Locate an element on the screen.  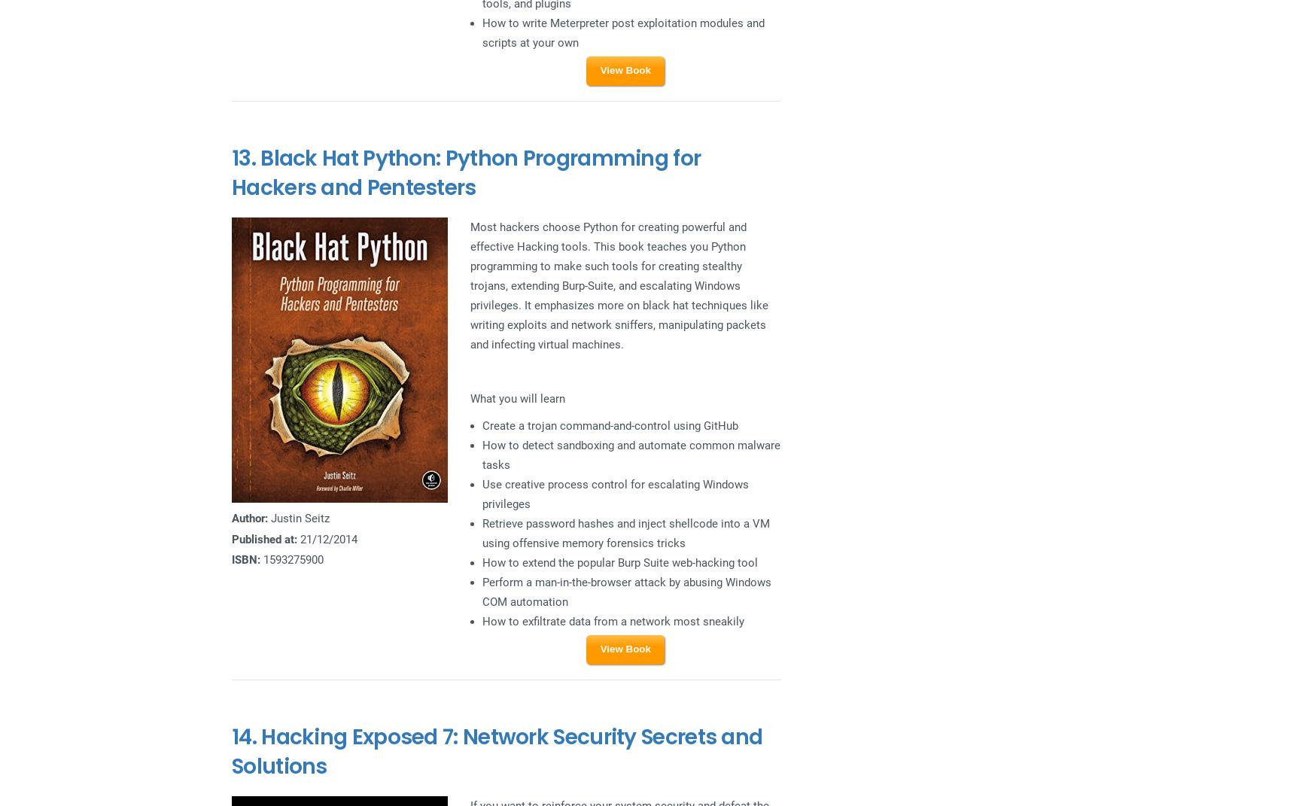
'How to exfiltrate data from a network most sneakily' is located at coordinates (611, 619).